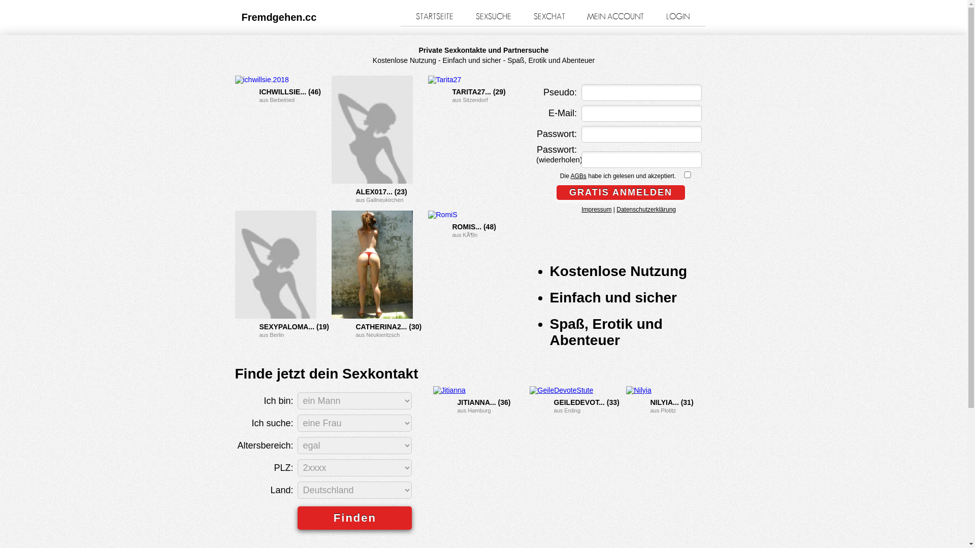 Image resolution: width=975 pixels, height=548 pixels. I want to click on 'Fremdgehen.cc', so click(279, 17).